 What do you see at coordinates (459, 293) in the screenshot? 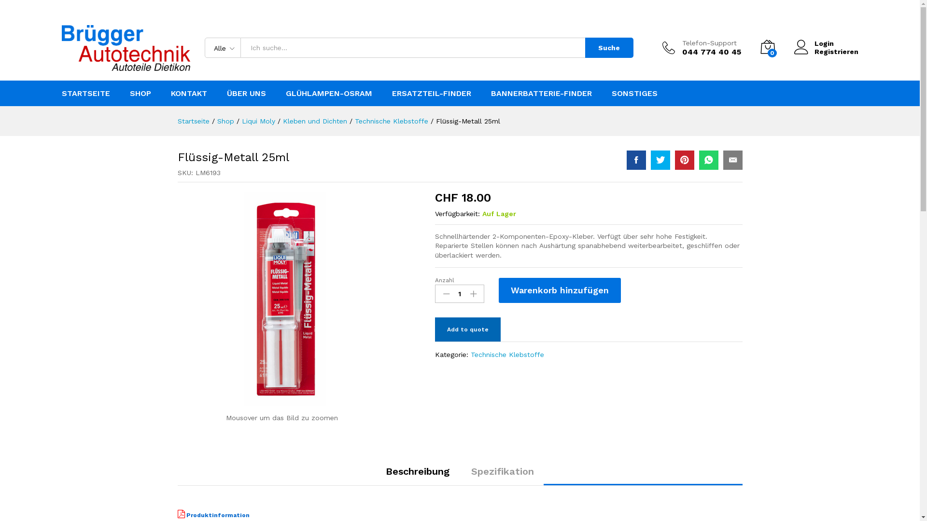
I see `'Qty'` at bounding box center [459, 293].